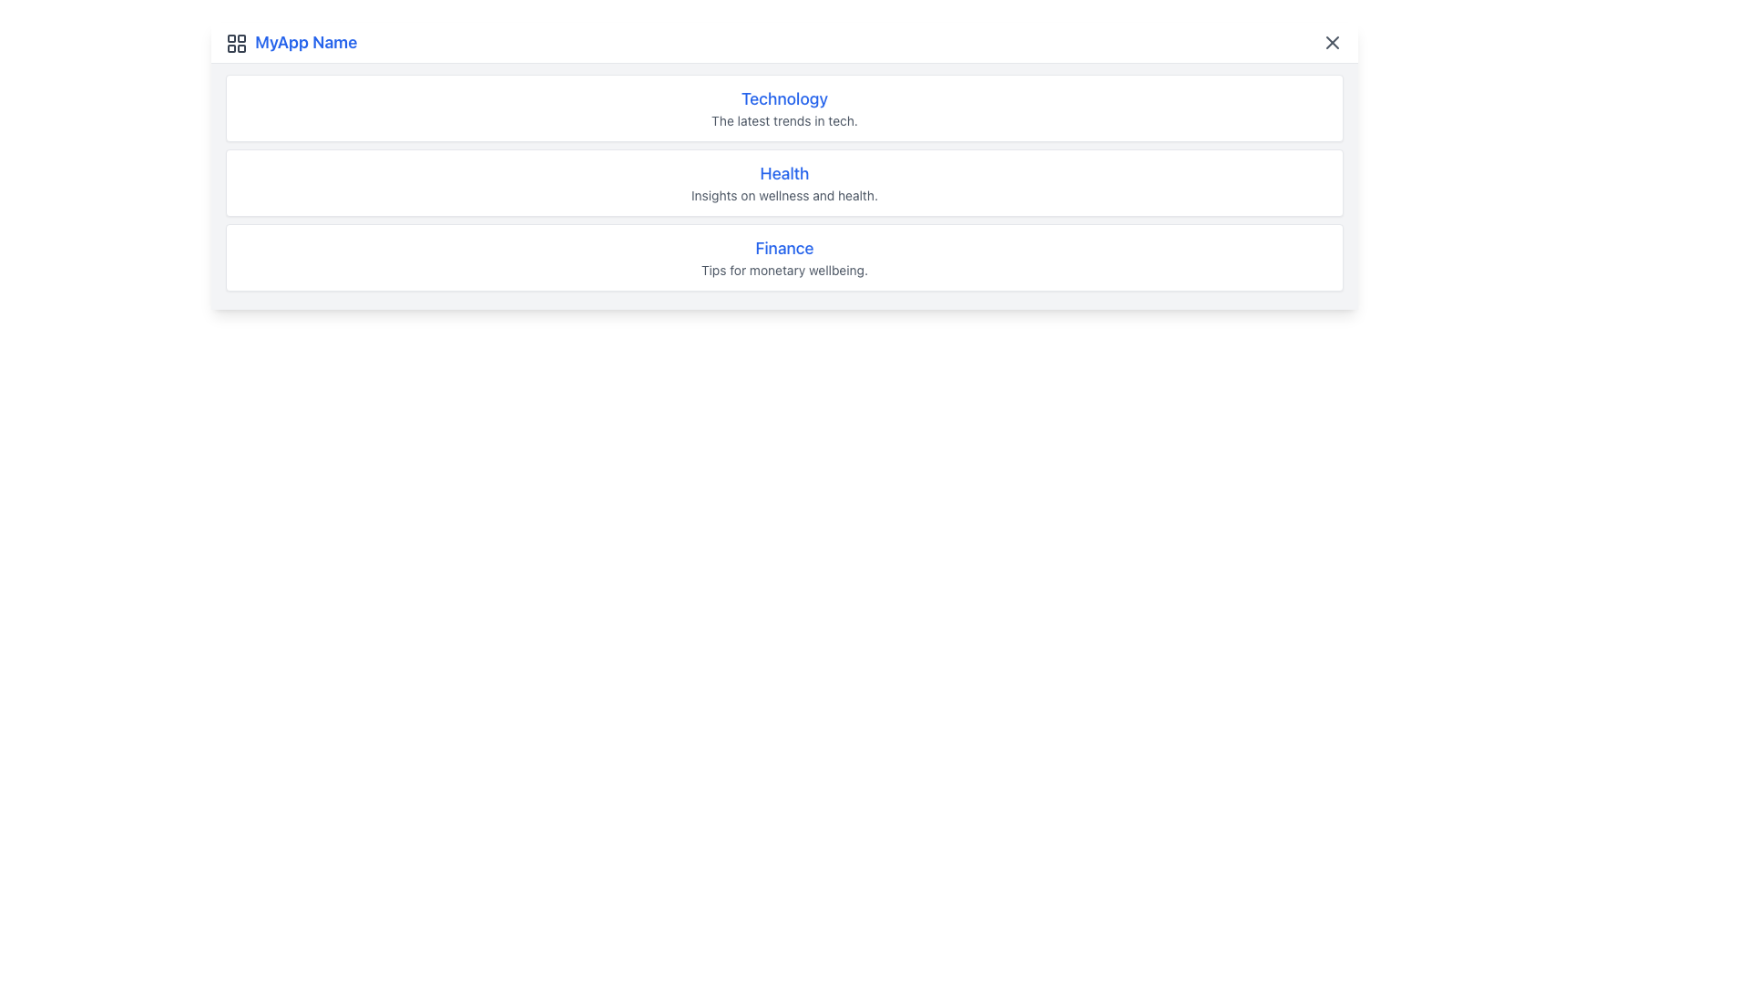 The image size is (1749, 984). Describe the element at coordinates (784, 108) in the screenshot. I see `text content of the first content card in the vertically stacked list, which introduces the 'Technology' section` at that location.